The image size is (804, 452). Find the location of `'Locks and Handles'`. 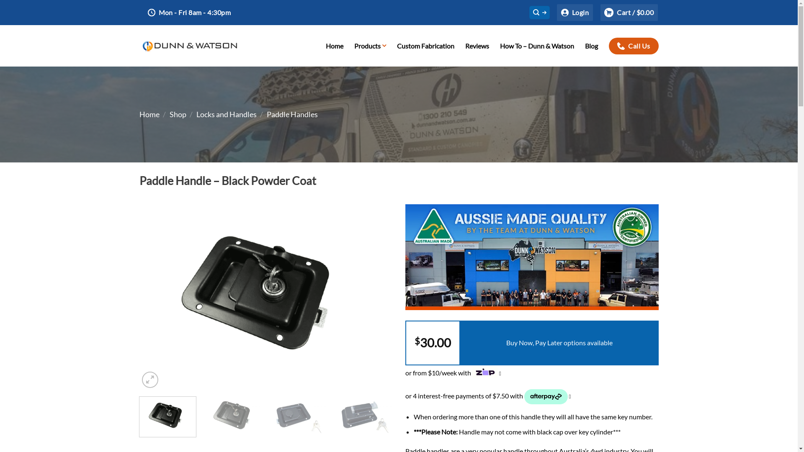

'Locks and Handles' is located at coordinates (196, 114).